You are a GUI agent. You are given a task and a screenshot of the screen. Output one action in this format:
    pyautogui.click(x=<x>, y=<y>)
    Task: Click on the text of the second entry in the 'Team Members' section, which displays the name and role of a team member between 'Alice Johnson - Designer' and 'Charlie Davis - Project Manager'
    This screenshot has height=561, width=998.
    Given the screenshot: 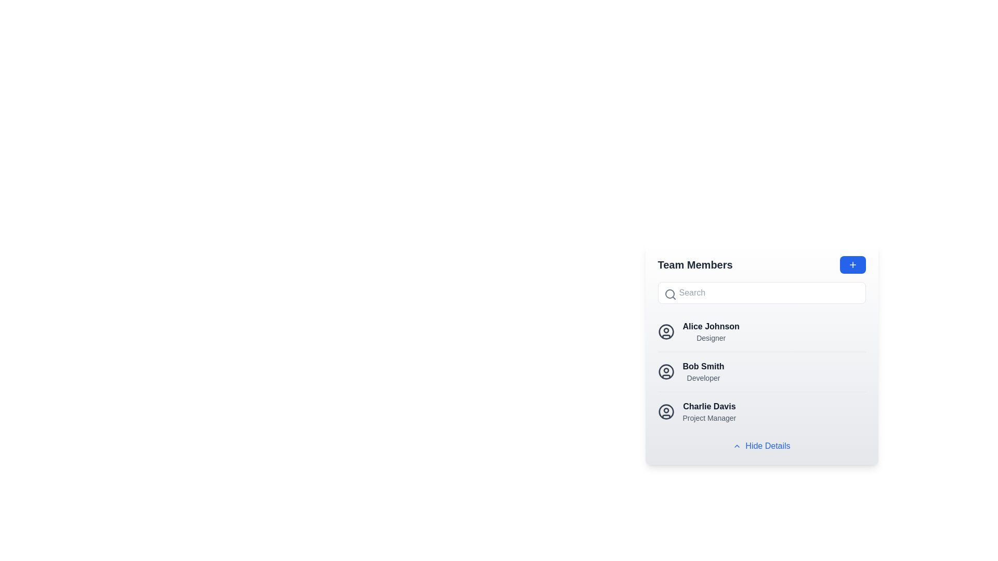 What is the action you would take?
    pyautogui.click(x=703, y=371)
    